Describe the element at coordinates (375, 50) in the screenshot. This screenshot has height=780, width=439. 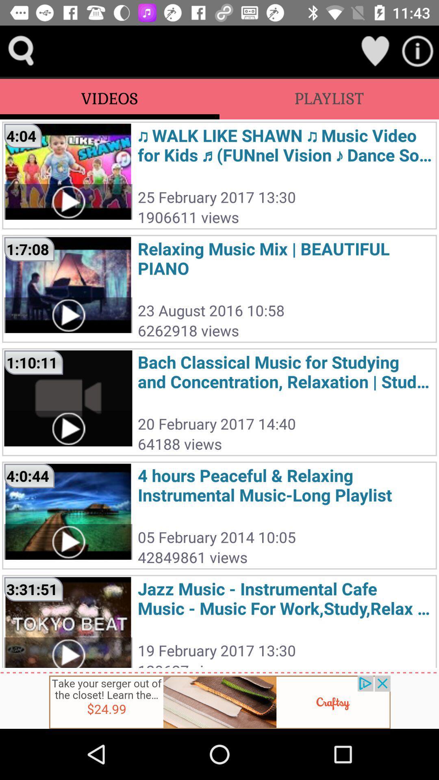
I see `the favorite icon` at that location.